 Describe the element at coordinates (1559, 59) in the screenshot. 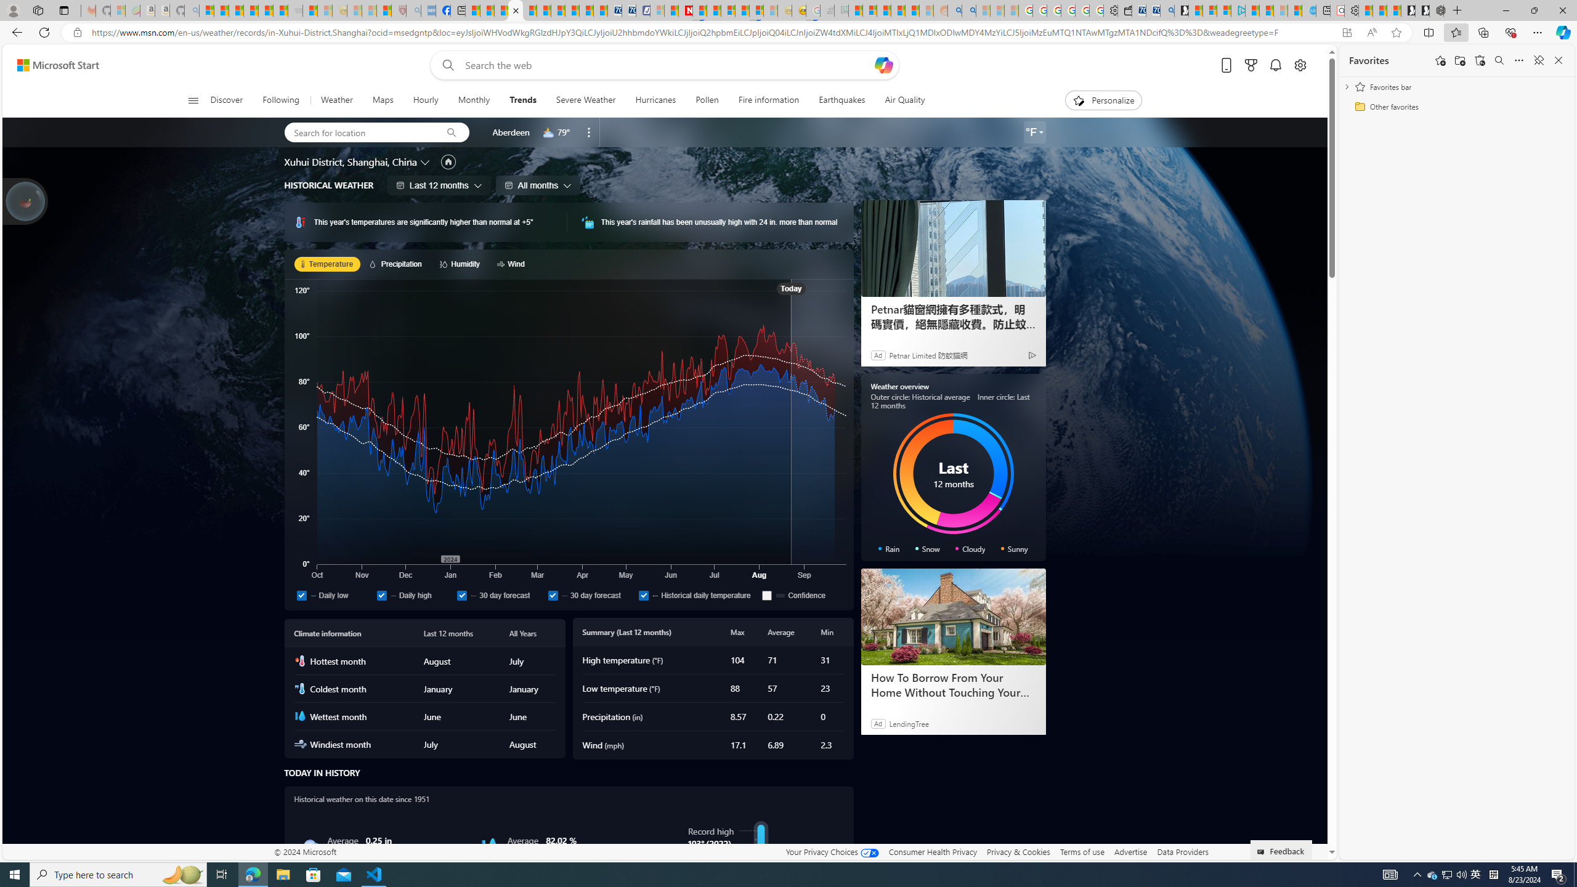

I see `'Close favorites'` at that location.